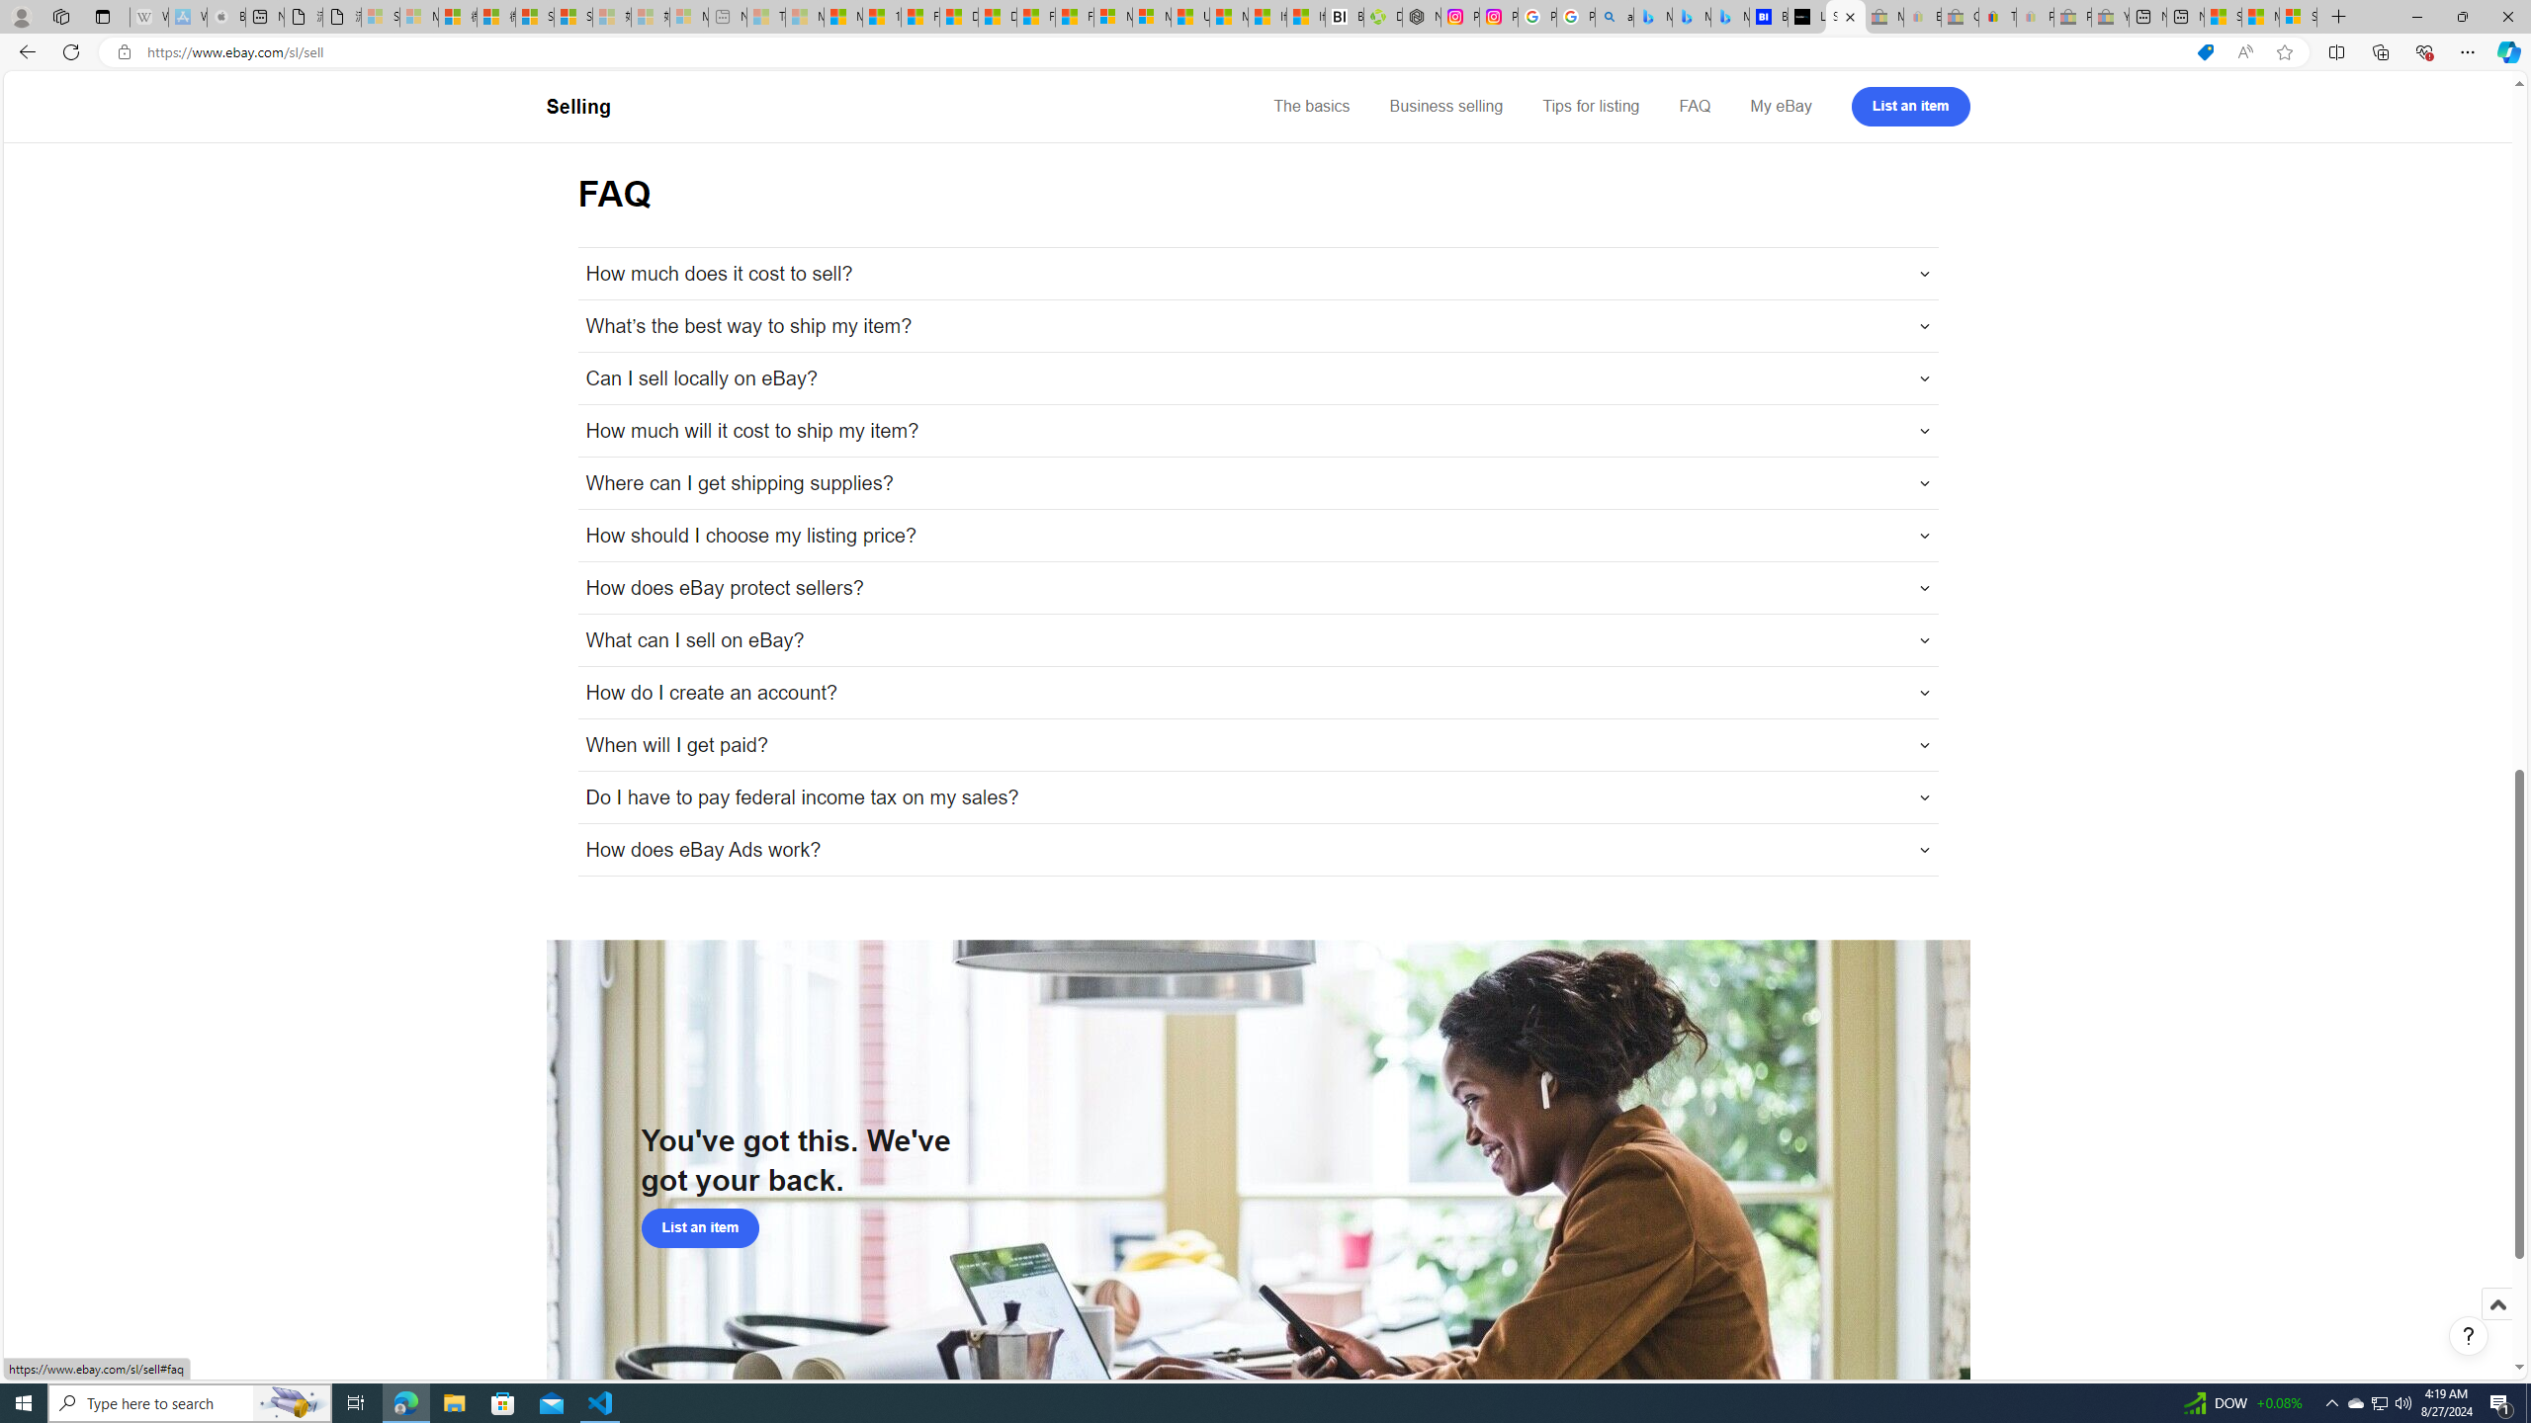  Describe the element at coordinates (1257, 586) in the screenshot. I see `'How does eBay protect sellers?'` at that location.